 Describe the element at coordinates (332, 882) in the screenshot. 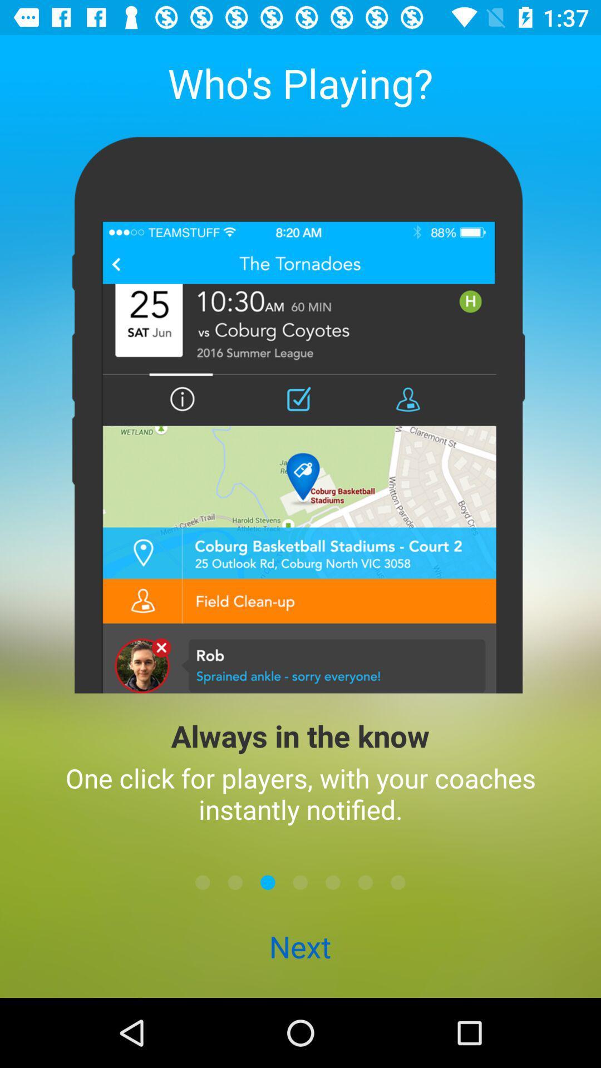

I see `icon above next item` at that location.